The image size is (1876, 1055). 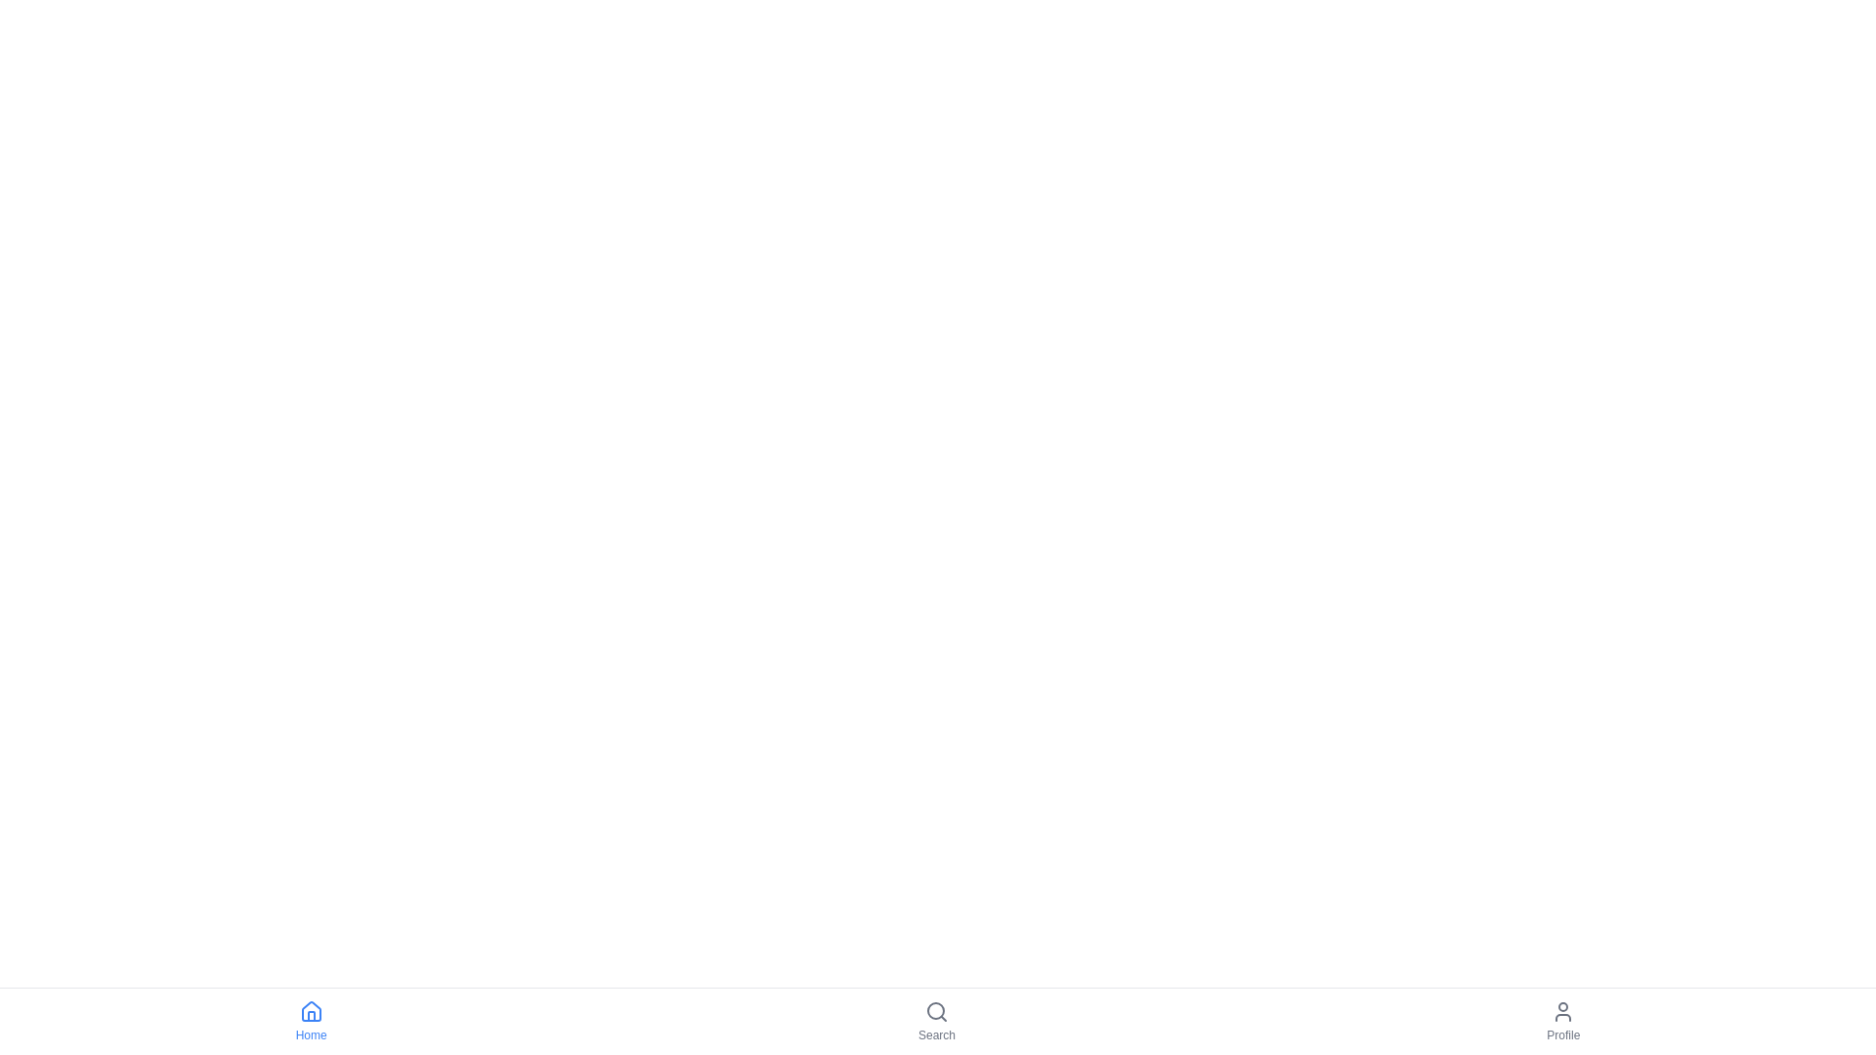 What do you see at coordinates (1561, 1020) in the screenshot?
I see `the 'Profile' navigation button, which is the third element from the left in the bottom navigation bar` at bounding box center [1561, 1020].